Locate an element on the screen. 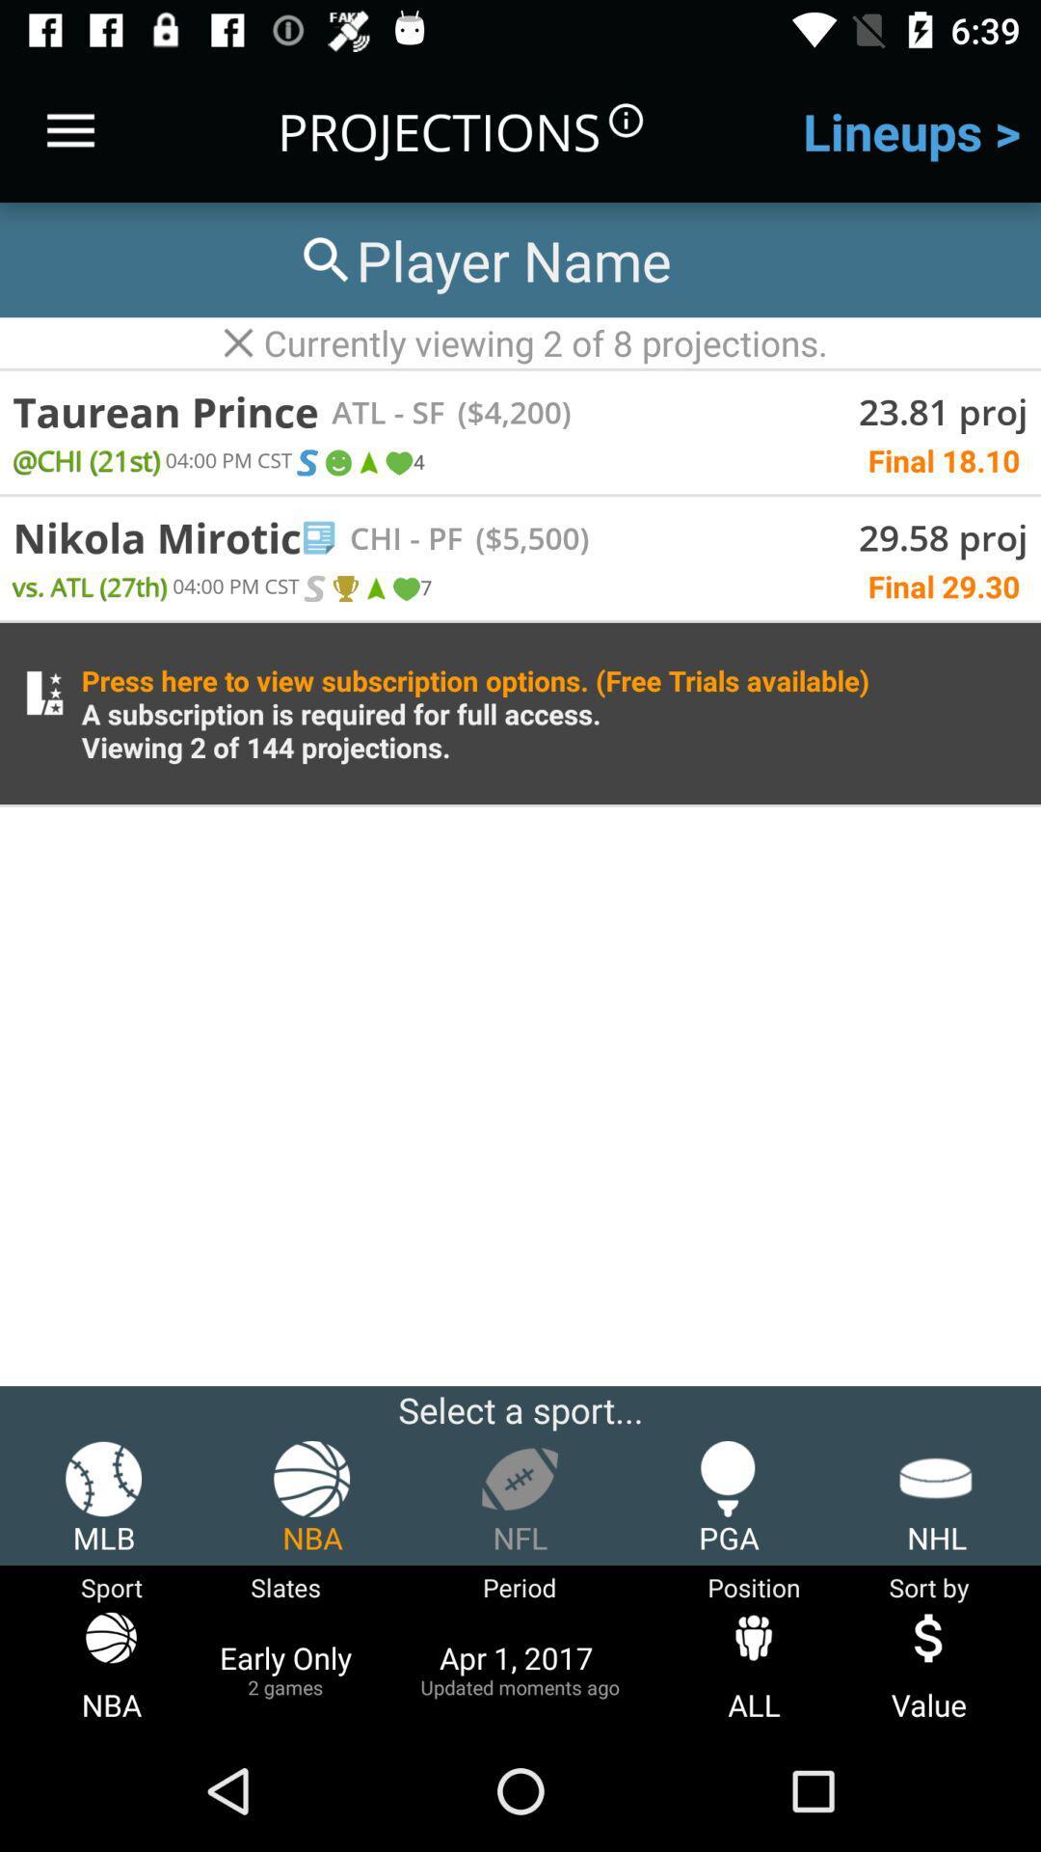  move to the fourth icon which is under taurean prince is located at coordinates (397, 463).